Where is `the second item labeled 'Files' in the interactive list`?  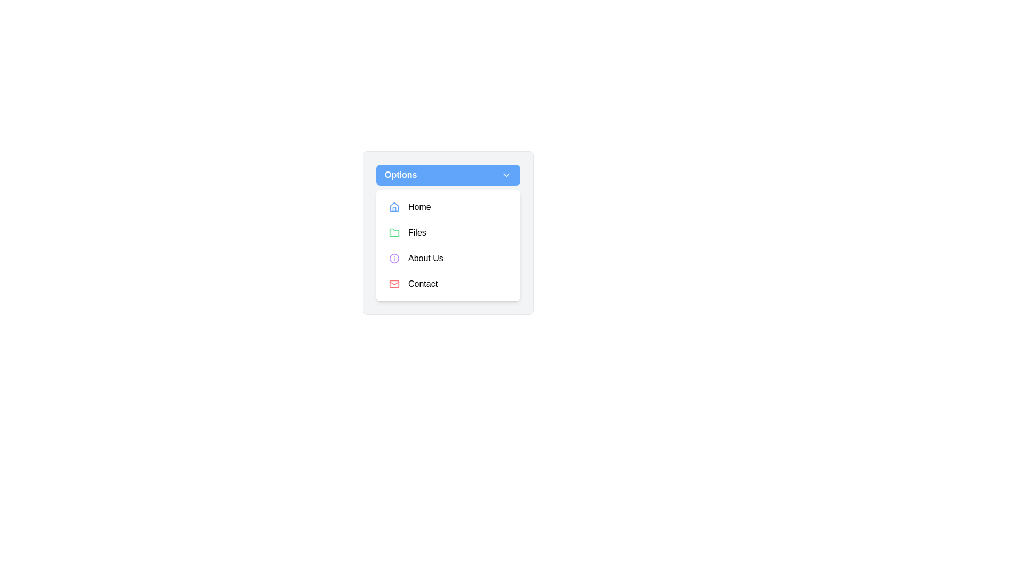
the second item labeled 'Files' in the interactive list is located at coordinates (448, 232).